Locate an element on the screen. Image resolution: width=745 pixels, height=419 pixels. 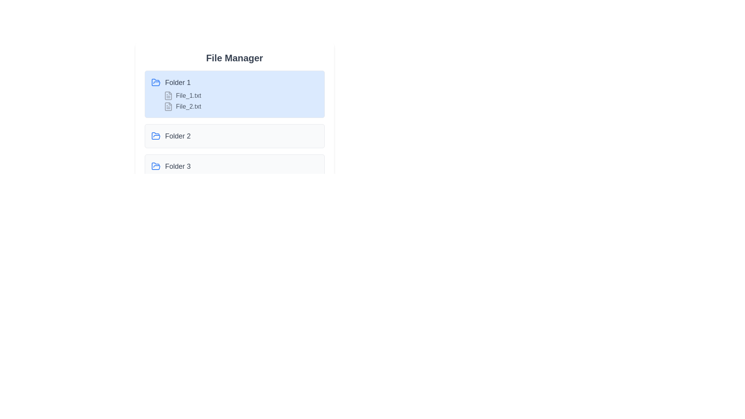
the label displaying 'File_2.txt' in gray color, located under the 'Folder 1' section of the file manager interface is located at coordinates (188, 106).